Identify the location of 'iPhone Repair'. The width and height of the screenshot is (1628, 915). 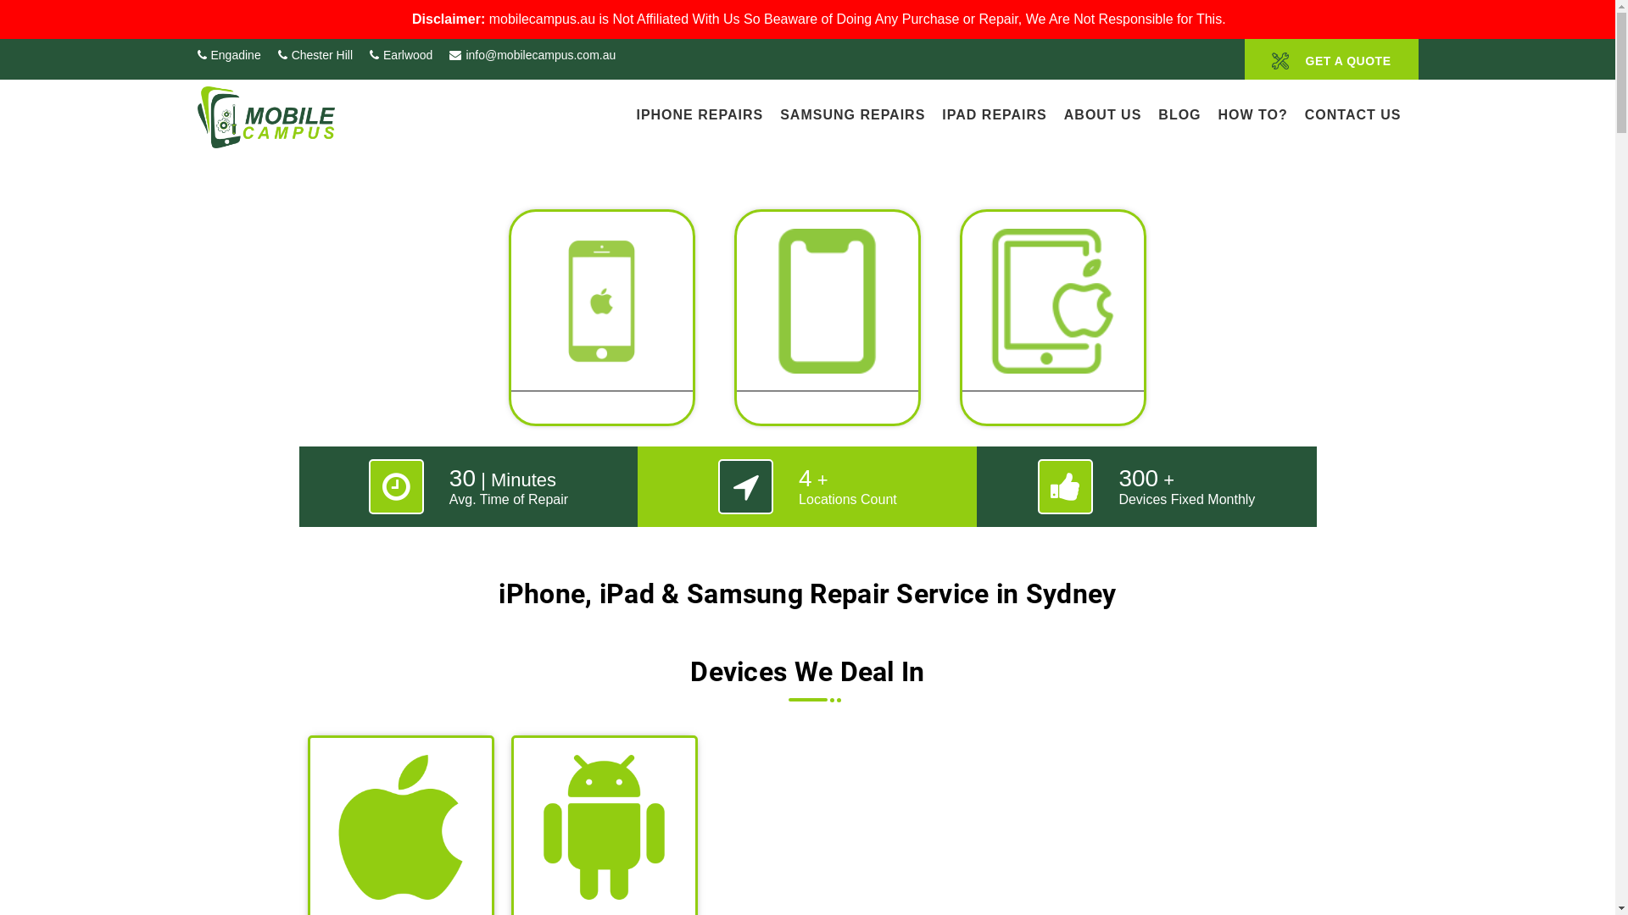
(601, 326).